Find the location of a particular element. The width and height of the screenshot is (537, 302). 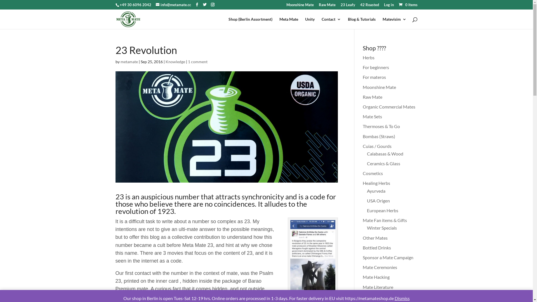

'Healing Herbs' is located at coordinates (362, 183).